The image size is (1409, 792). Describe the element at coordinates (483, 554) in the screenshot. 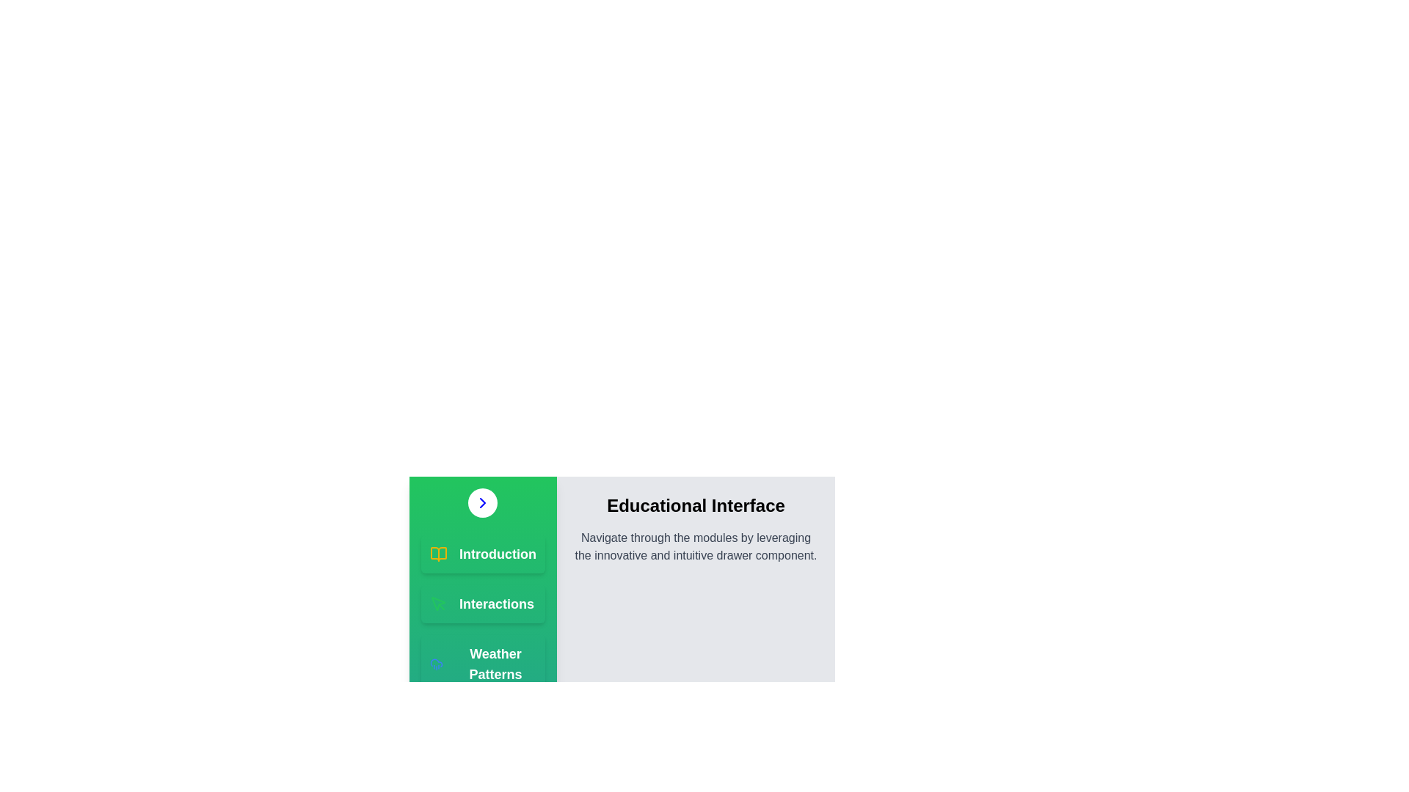

I see `the module Introduction from the list` at that location.